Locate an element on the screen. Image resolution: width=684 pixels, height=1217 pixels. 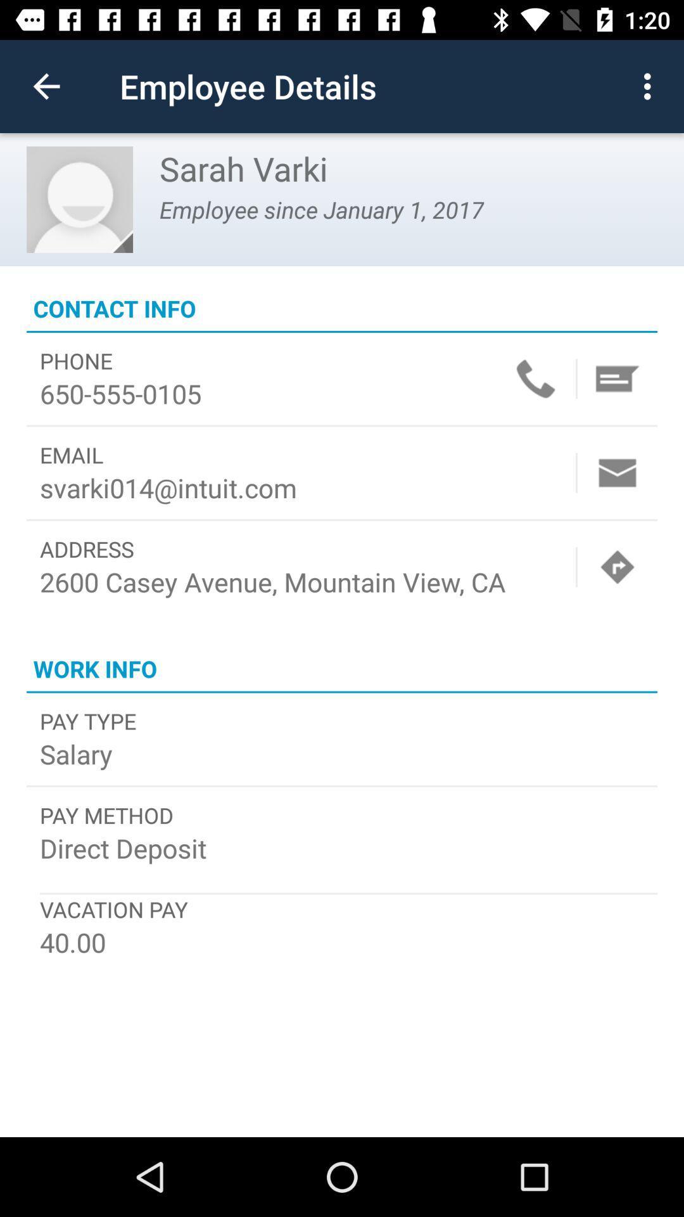
message option is located at coordinates (617, 378).